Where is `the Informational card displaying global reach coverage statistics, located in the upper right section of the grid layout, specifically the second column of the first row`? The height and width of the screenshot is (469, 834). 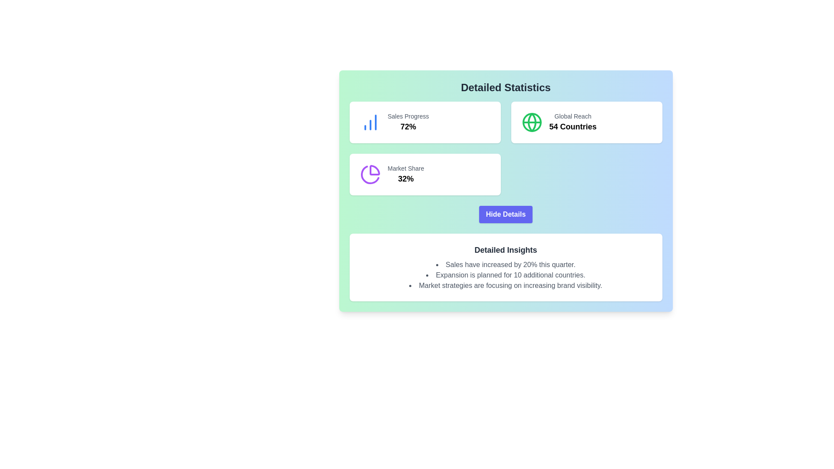
the Informational card displaying global reach coverage statistics, located in the upper right section of the grid layout, specifically the second column of the first row is located at coordinates (586, 122).